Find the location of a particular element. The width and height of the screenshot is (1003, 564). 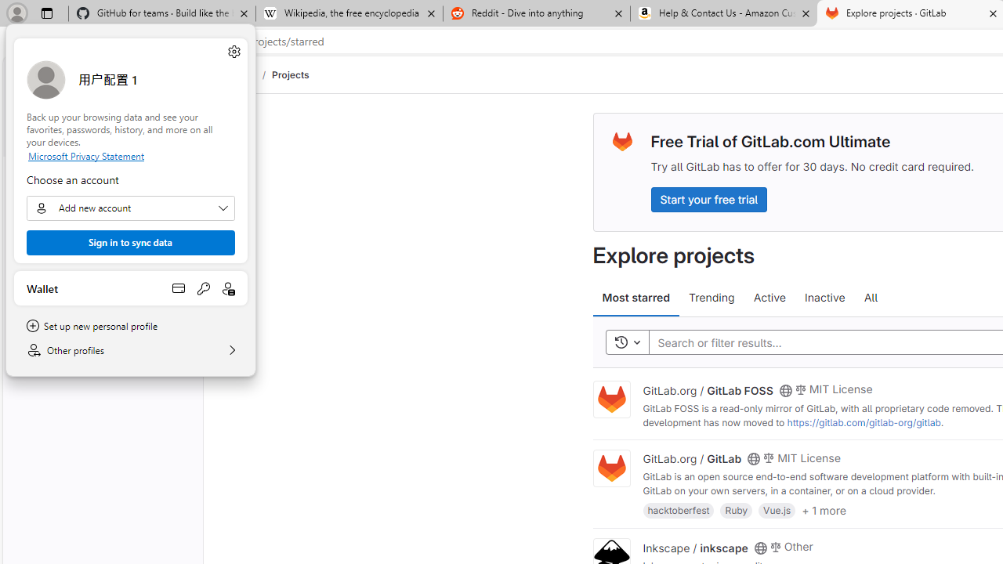

'+ 1 more' is located at coordinates (823, 509).